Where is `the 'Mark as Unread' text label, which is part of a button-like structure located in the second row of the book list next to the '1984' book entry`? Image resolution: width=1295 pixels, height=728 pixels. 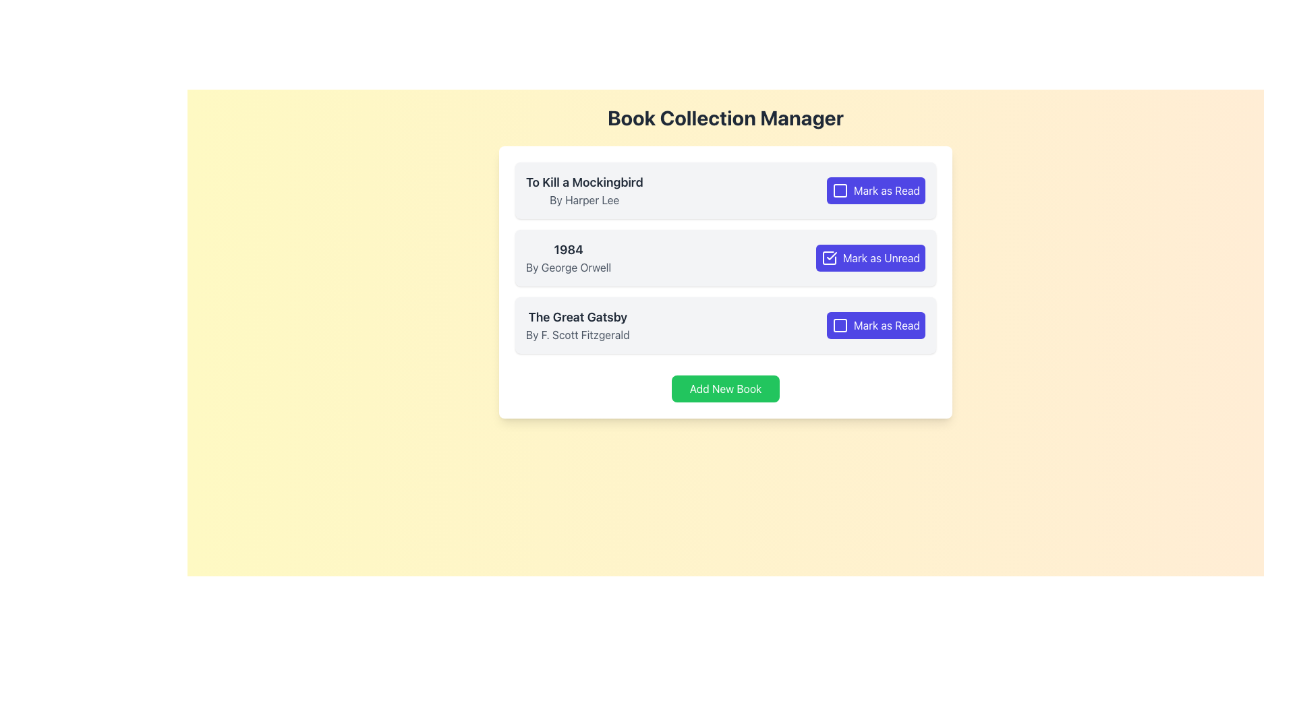 the 'Mark as Unread' text label, which is part of a button-like structure located in the second row of the book list next to the '1984' book entry is located at coordinates (881, 257).